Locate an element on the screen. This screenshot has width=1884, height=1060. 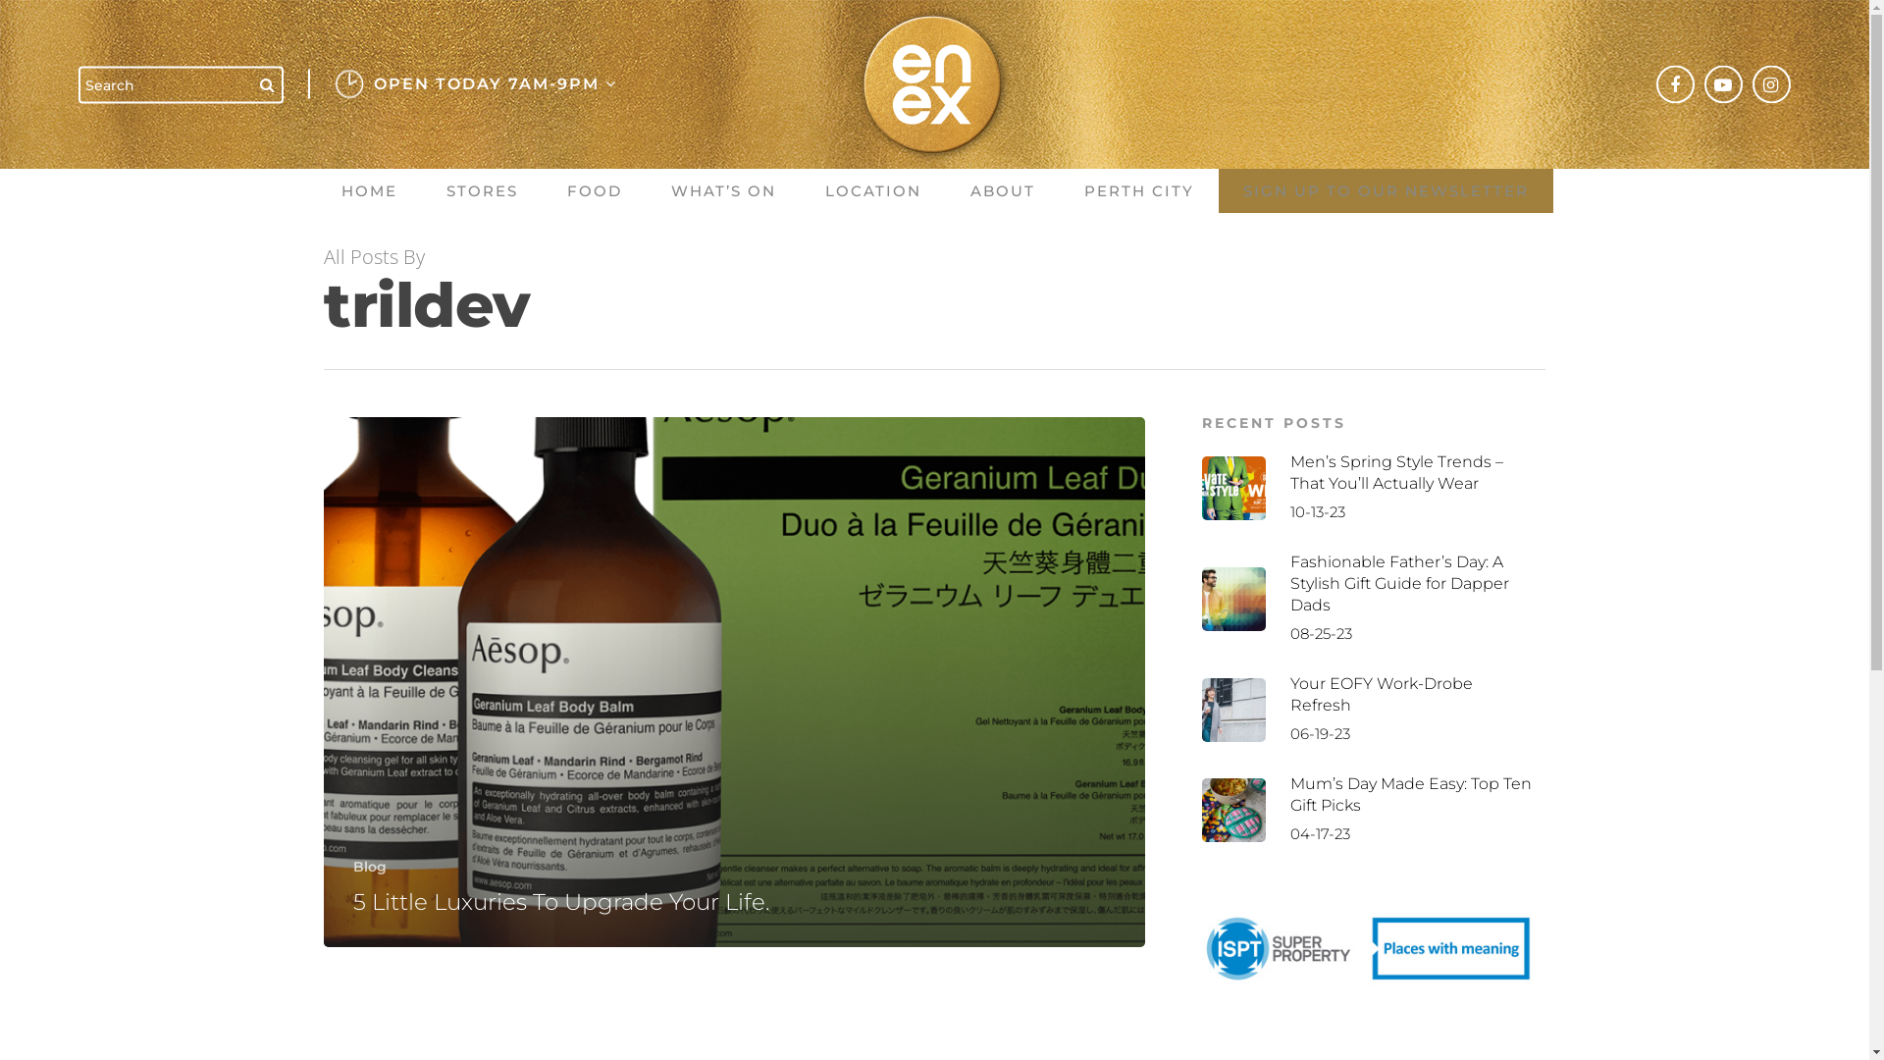
'SIGN UP TO OUR NEWSLETTER' is located at coordinates (1385, 190).